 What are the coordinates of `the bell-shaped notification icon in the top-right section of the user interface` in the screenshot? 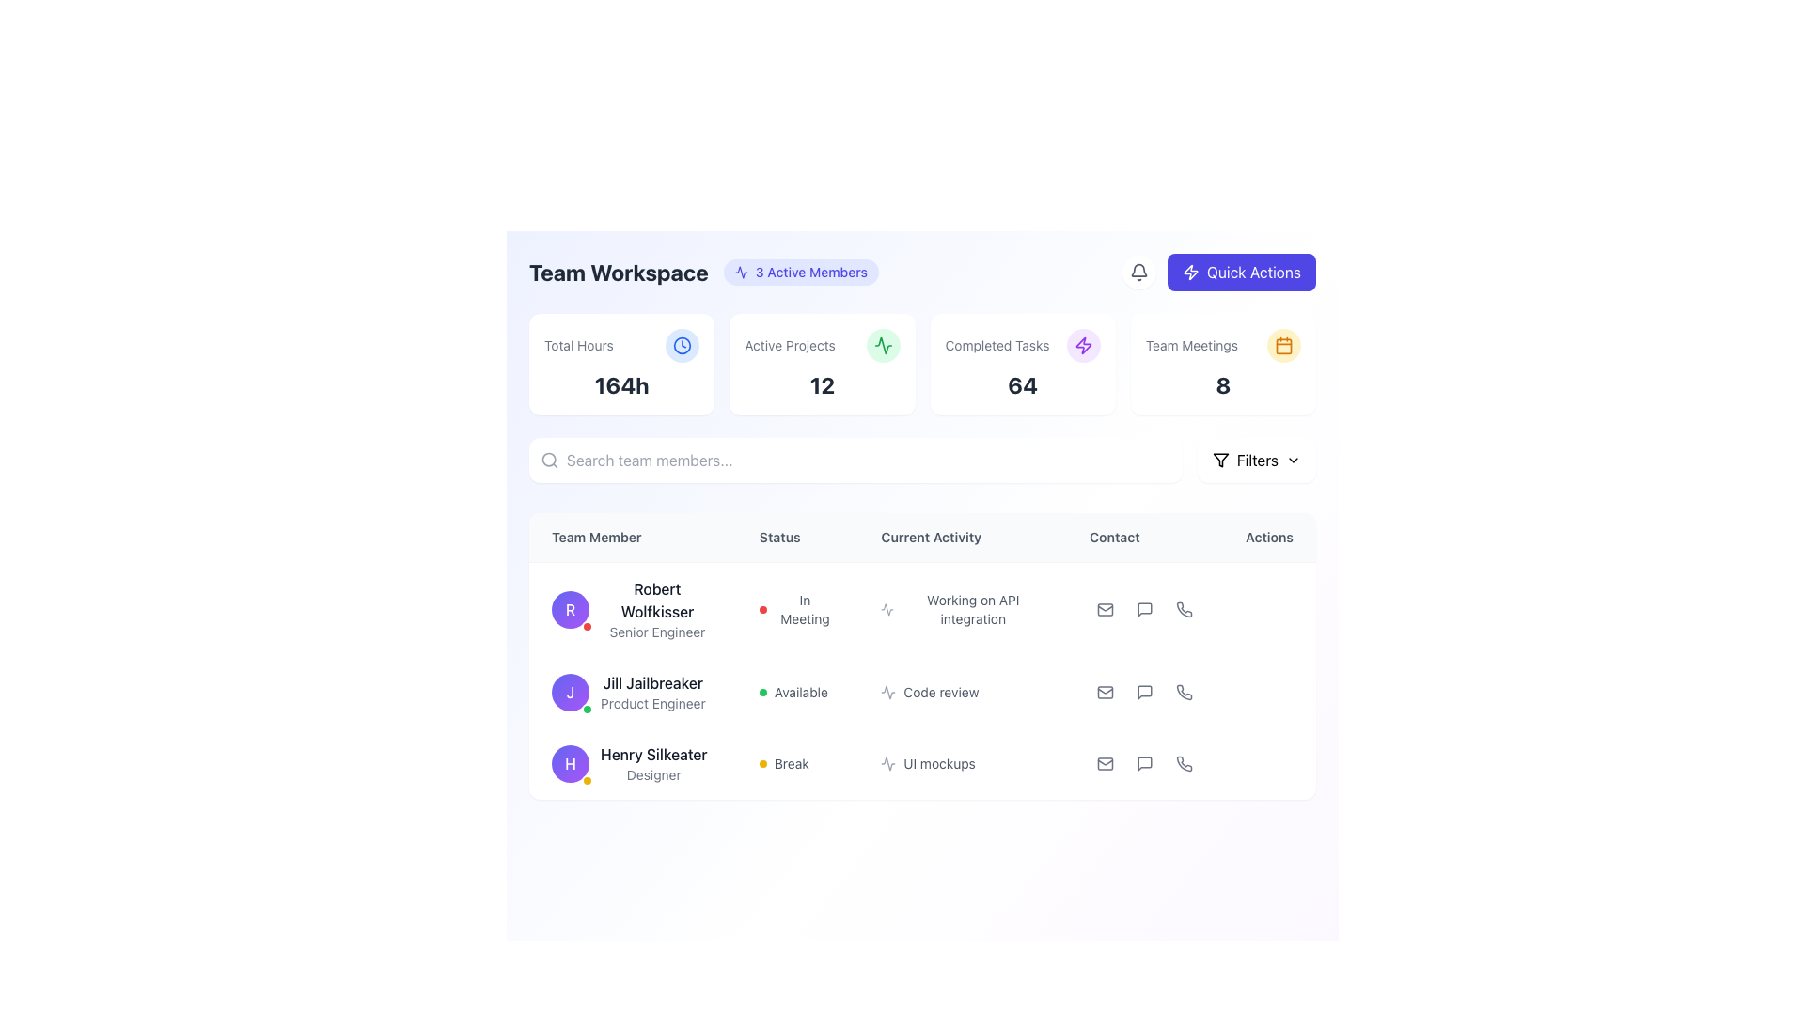 It's located at (1138, 272).